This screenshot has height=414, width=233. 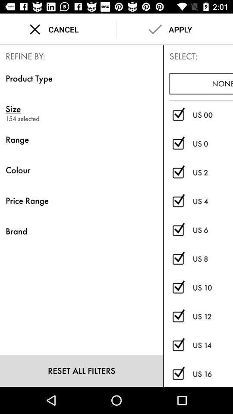 What do you see at coordinates (178, 230) in the screenshot?
I see `size` at bounding box center [178, 230].